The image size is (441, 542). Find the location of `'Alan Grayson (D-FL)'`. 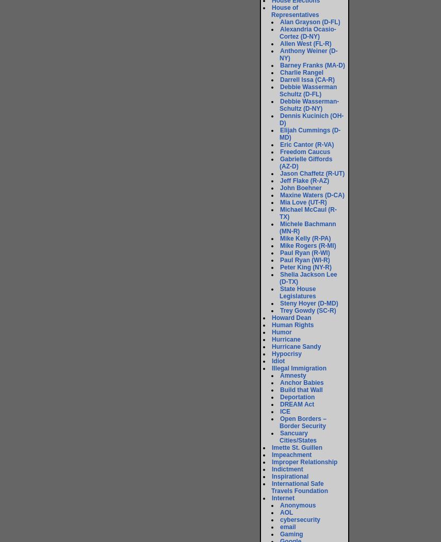

'Alan Grayson (D-FL)' is located at coordinates (280, 22).